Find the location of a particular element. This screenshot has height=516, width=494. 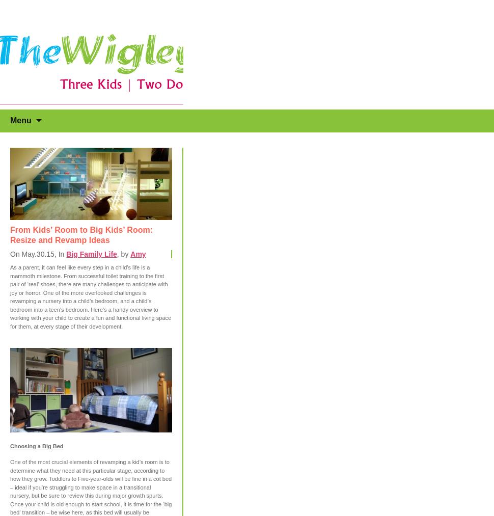

'Amy' is located at coordinates (138, 254).